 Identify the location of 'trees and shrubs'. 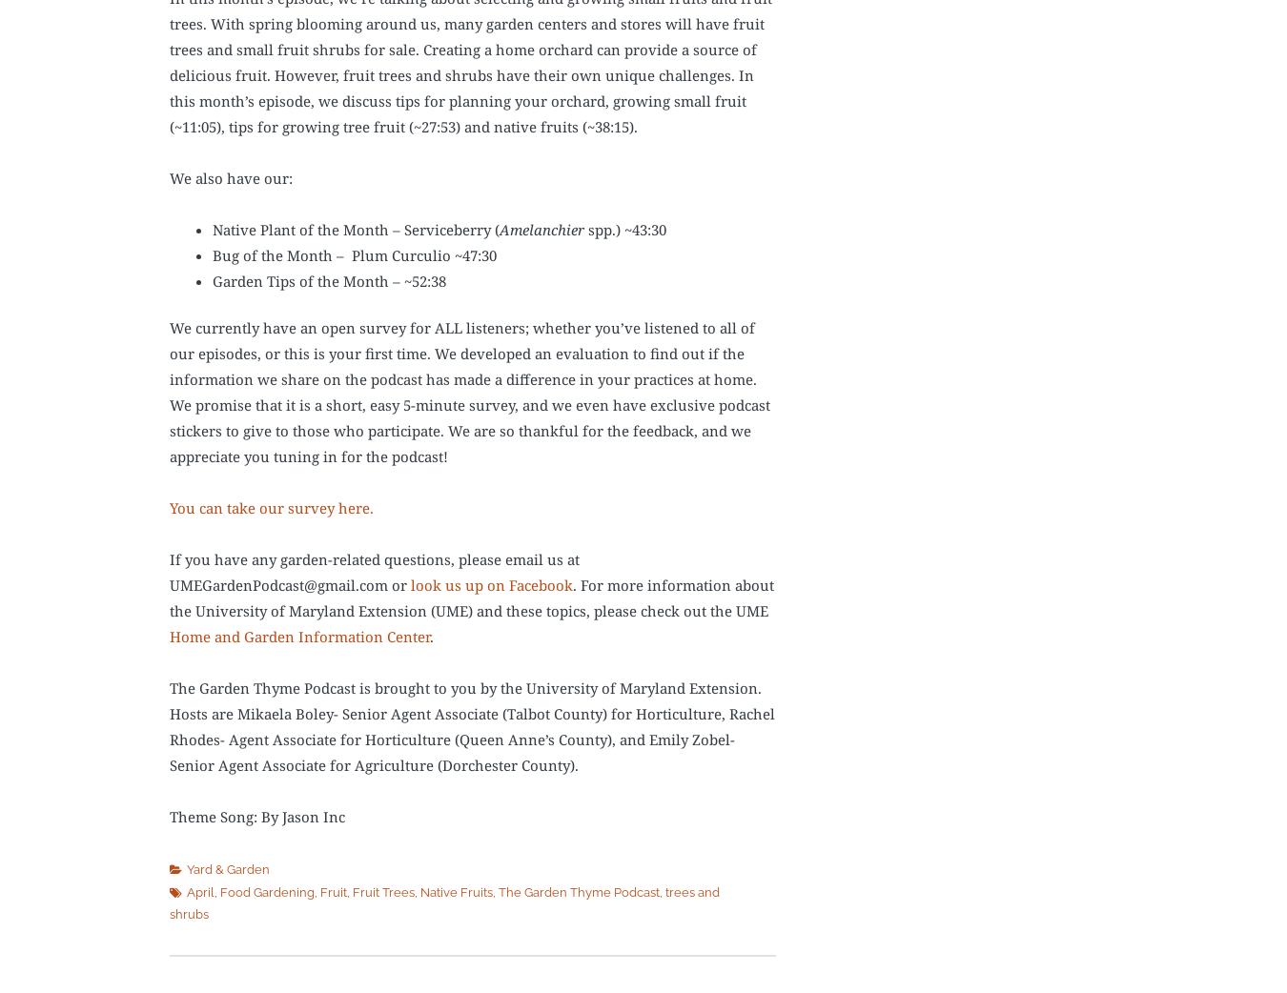
(443, 902).